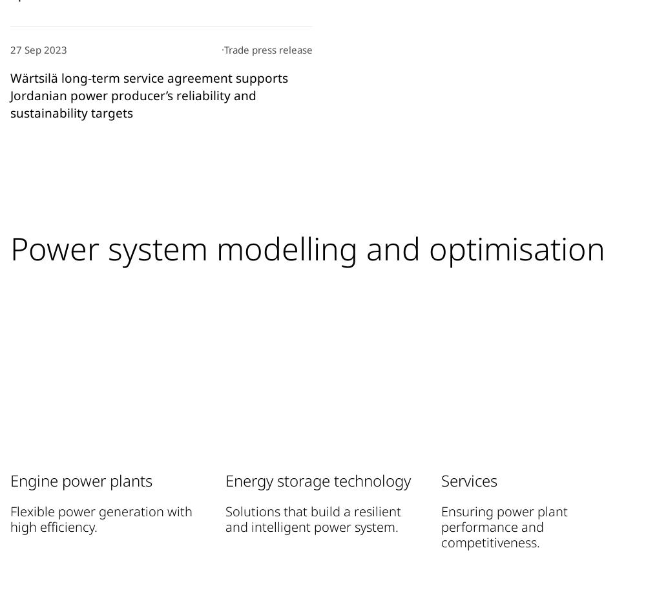  I want to click on 'Trade press release', so click(268, 49).